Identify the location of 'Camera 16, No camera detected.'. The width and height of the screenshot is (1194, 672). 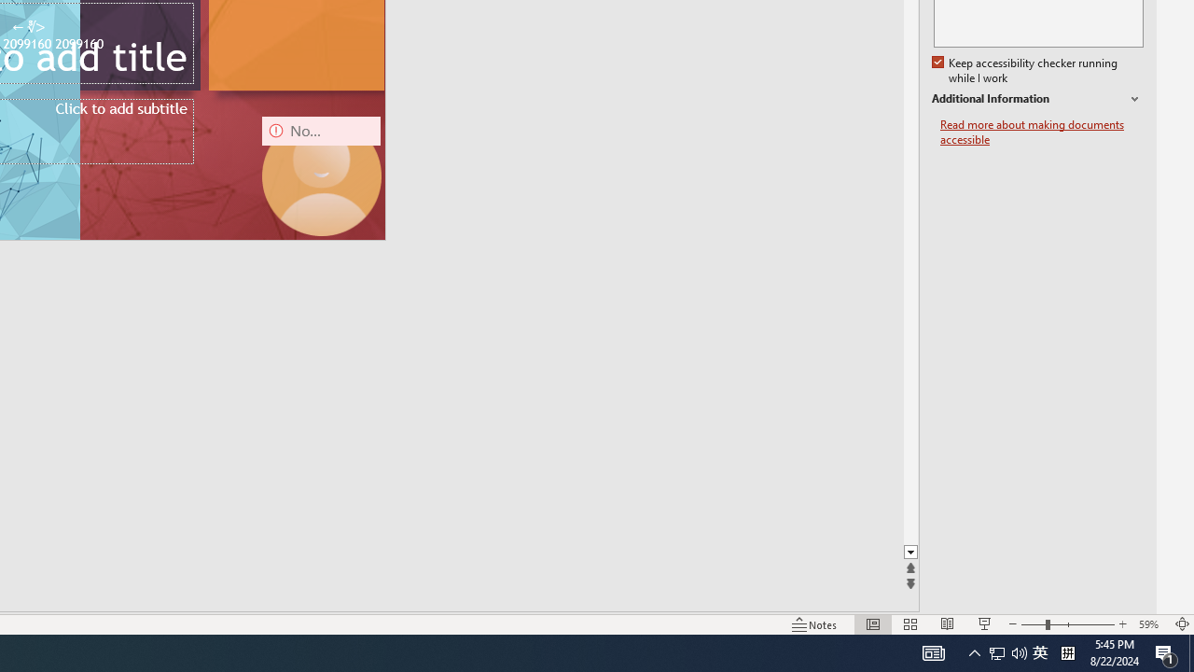
(321, 175).